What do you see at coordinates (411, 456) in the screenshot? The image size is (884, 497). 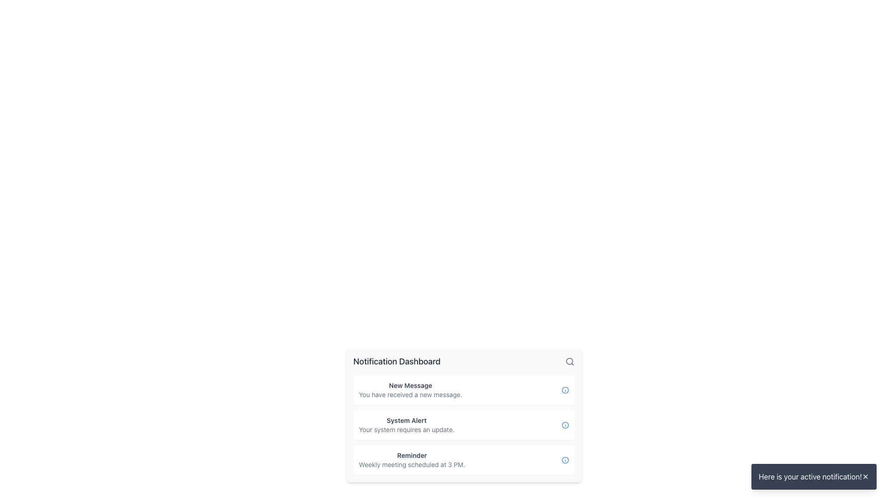 I see `text label that reads 'Reminder', which is styled in bold medium-gray color and located within a white notification card in the dashboard` at bounding box center [411, 456].